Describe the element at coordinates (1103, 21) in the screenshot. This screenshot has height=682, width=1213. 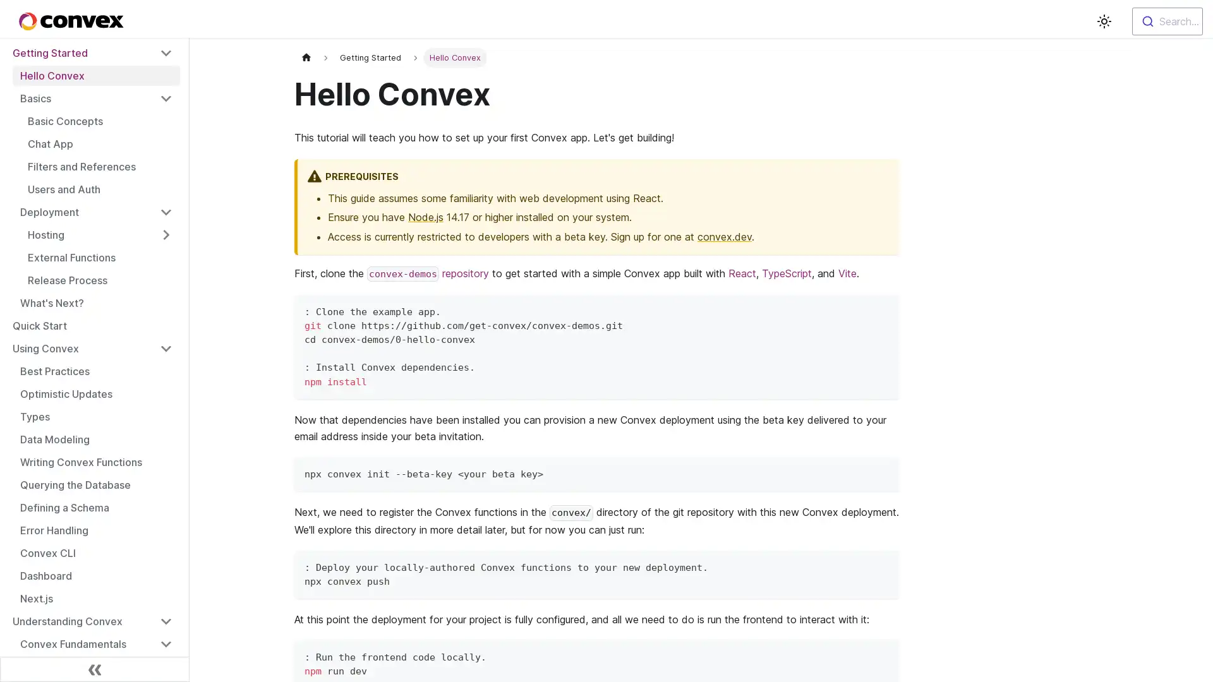
I see `Switch between dark and light mode (currently light mode)` at that location.